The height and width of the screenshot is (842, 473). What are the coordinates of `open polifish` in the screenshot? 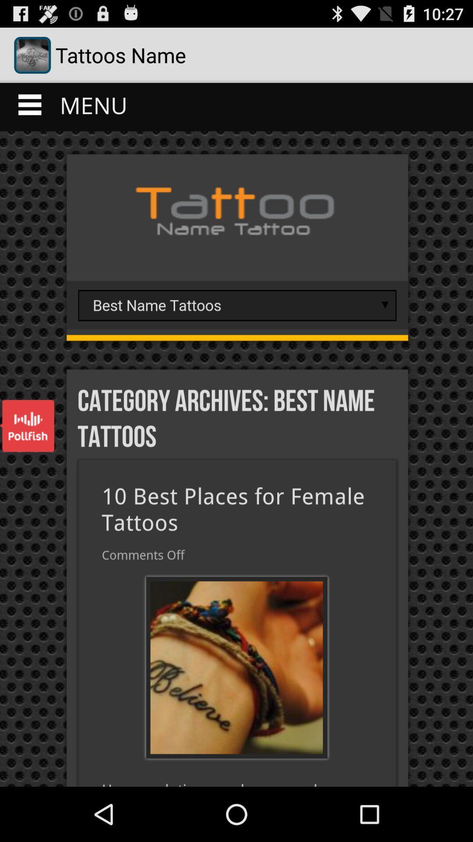 It's located at (26, 426).